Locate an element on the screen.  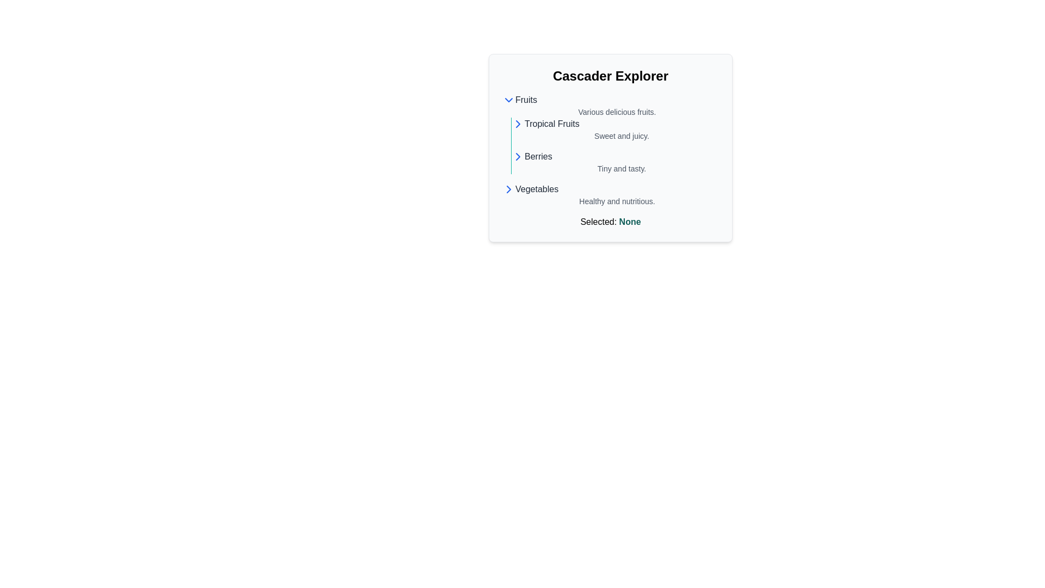
the 'Tropical Fruits' label is located at coordinates (551, 123).